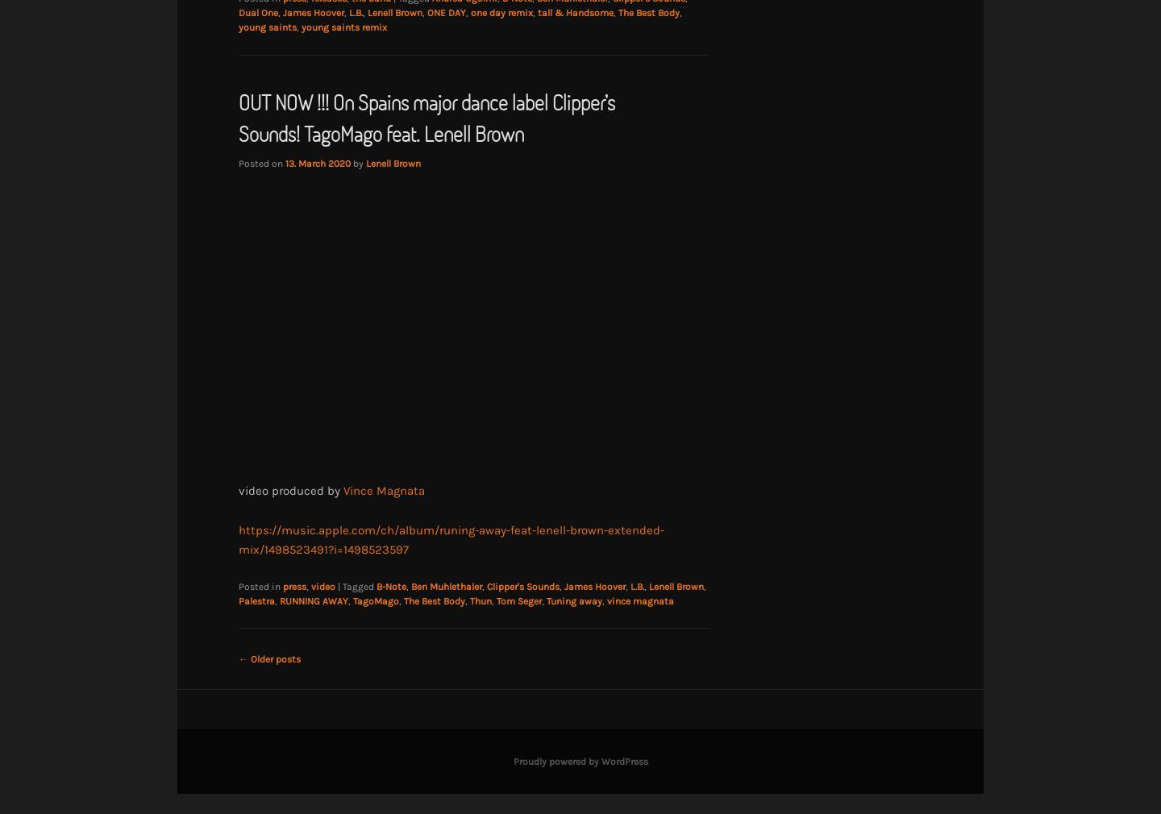 This screenshot has height=814, width=1161. What do you see at coordinates (258, 11) in the screenshot?
I see `'Dual One'` at bounding box center [258, 11].